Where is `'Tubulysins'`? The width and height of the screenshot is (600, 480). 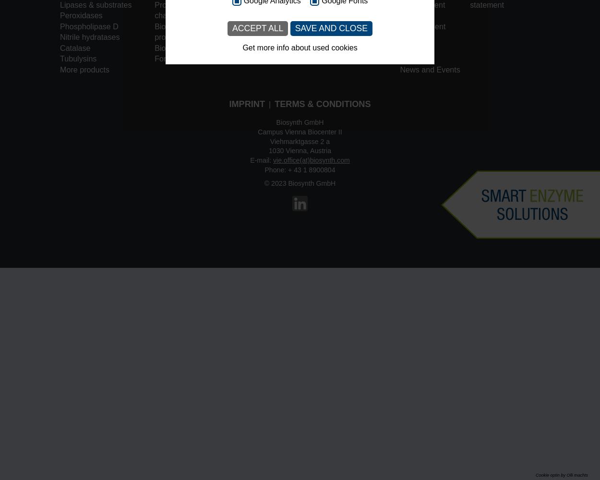
'Tubulysins' is located at coordinates (78, 58).